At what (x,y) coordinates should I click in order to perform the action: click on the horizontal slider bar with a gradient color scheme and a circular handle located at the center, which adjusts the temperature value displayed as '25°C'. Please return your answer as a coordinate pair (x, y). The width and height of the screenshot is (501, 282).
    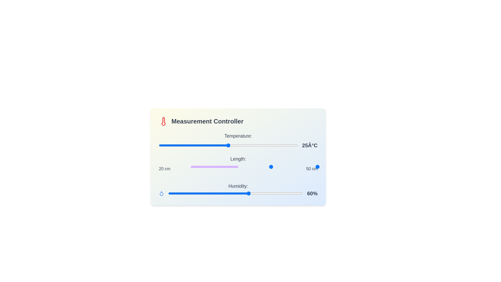
    Looking at the image, I should click on (228, 145).